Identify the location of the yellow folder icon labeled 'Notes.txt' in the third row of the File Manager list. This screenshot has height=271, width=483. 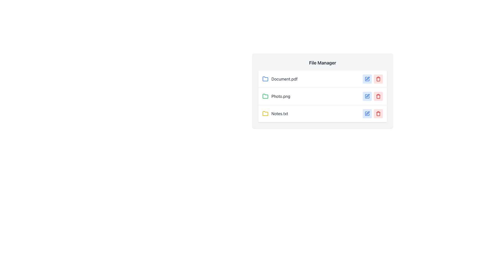
(265, 113).